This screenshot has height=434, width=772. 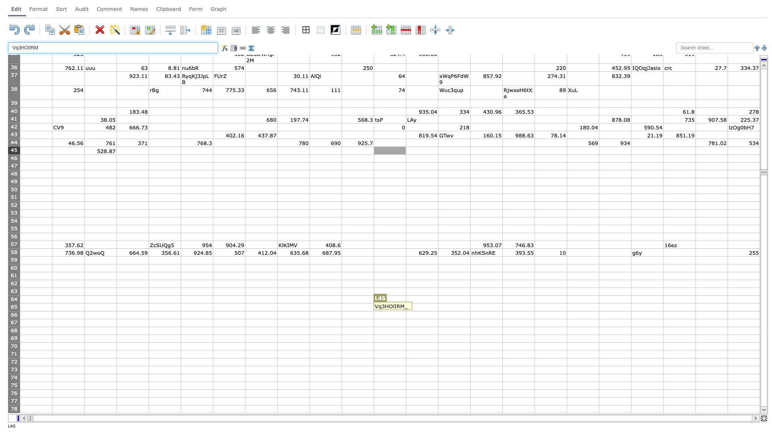 What do you see at coordinates (437, 311) in the screenshot?
I see `Lower right of M65` at bounding box center [437, 311].